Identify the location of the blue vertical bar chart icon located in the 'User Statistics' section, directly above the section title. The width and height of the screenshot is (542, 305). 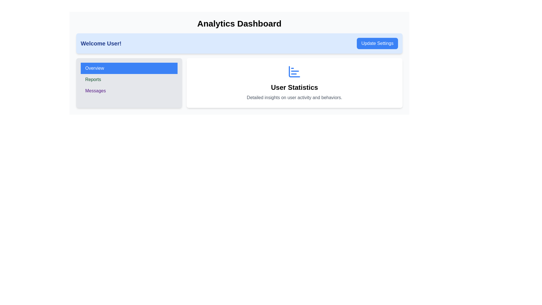
(294, 71).